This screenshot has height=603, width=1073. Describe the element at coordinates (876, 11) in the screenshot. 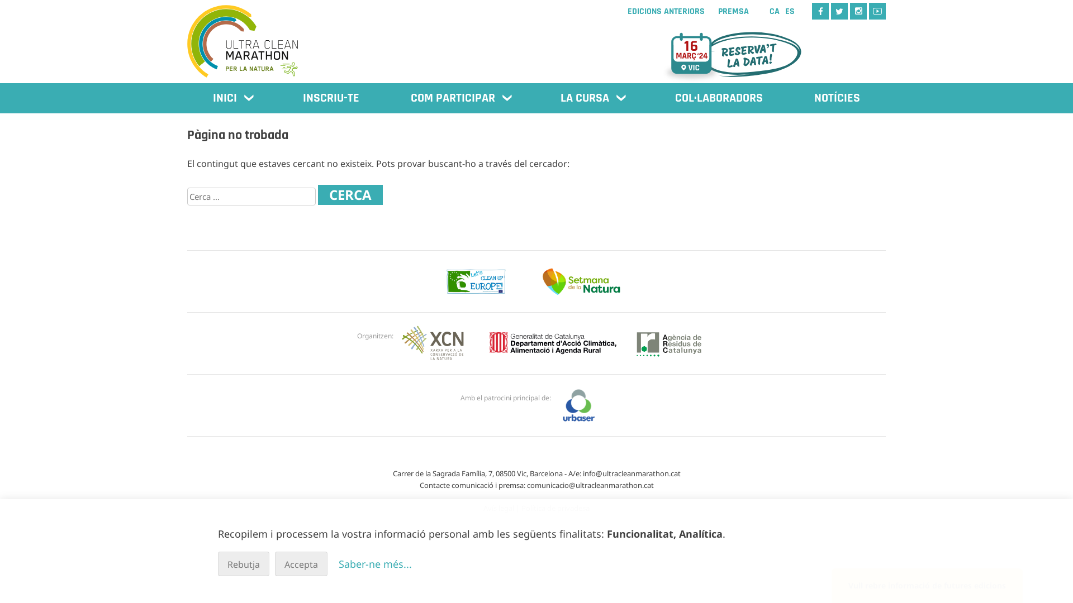

I see `'Youtube'` at that location.